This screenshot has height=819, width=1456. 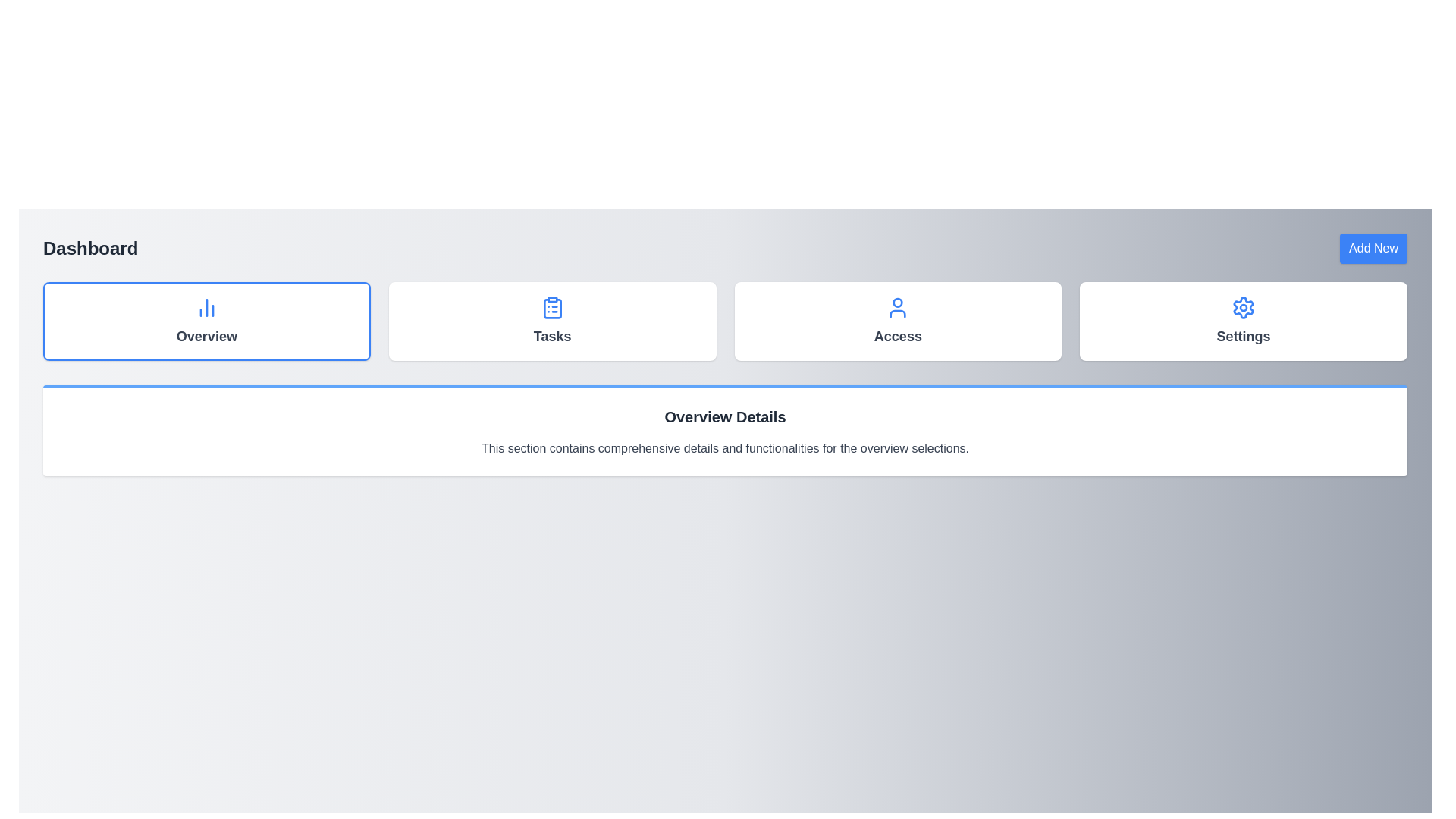 I want to click on the text label displaying 'Access', which is styled in a large, bold font and located centrally at the bottom of the 'Access' card, so click(x=898, y=335).